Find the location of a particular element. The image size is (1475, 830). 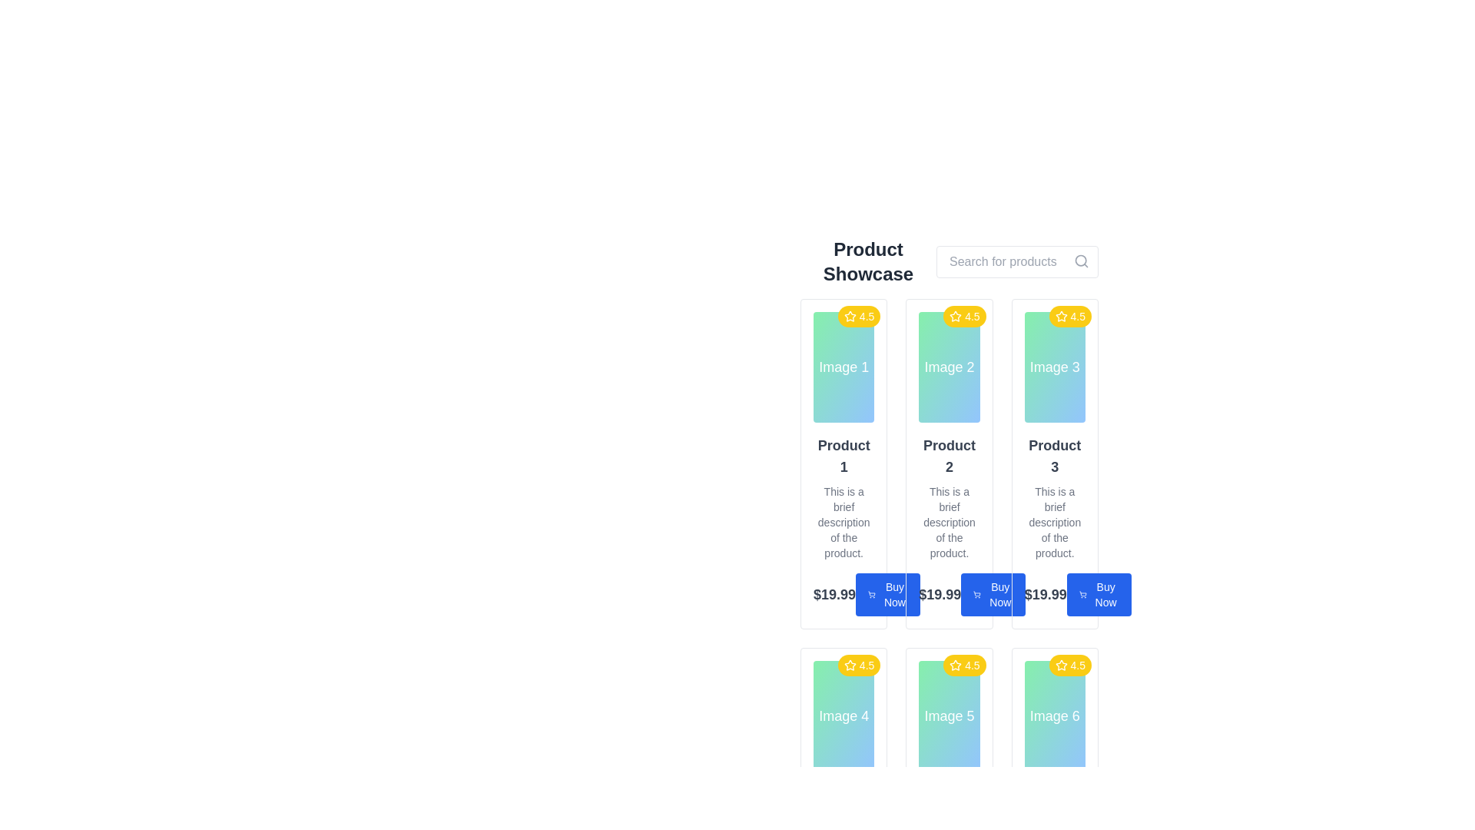

price information displayed in the text label located at the bottom-left corner of the listing for 'Product 3', next to the 'Buy Now' button is located at coordinates (1054, 594).